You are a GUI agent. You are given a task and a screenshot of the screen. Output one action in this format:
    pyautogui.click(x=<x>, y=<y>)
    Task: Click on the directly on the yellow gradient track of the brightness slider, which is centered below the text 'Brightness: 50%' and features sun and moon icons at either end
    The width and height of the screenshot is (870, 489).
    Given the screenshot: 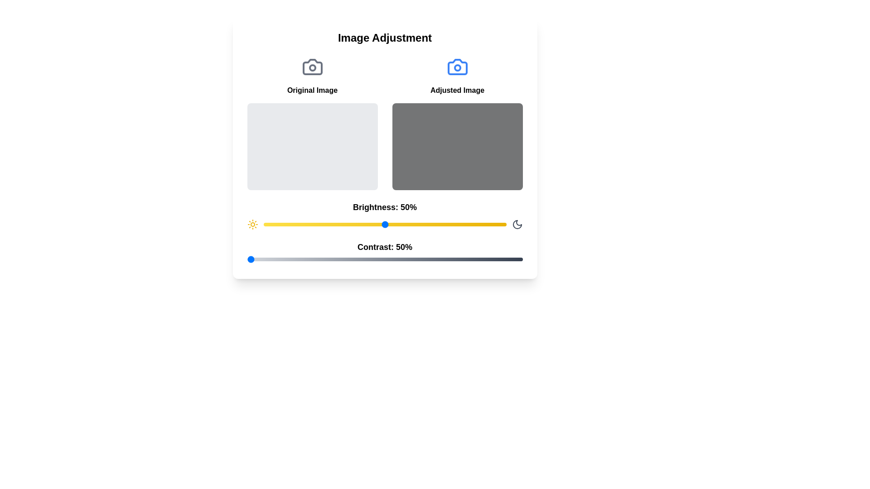 What is the action you would take?
    pyautogui.click(x=385, y=224)
    